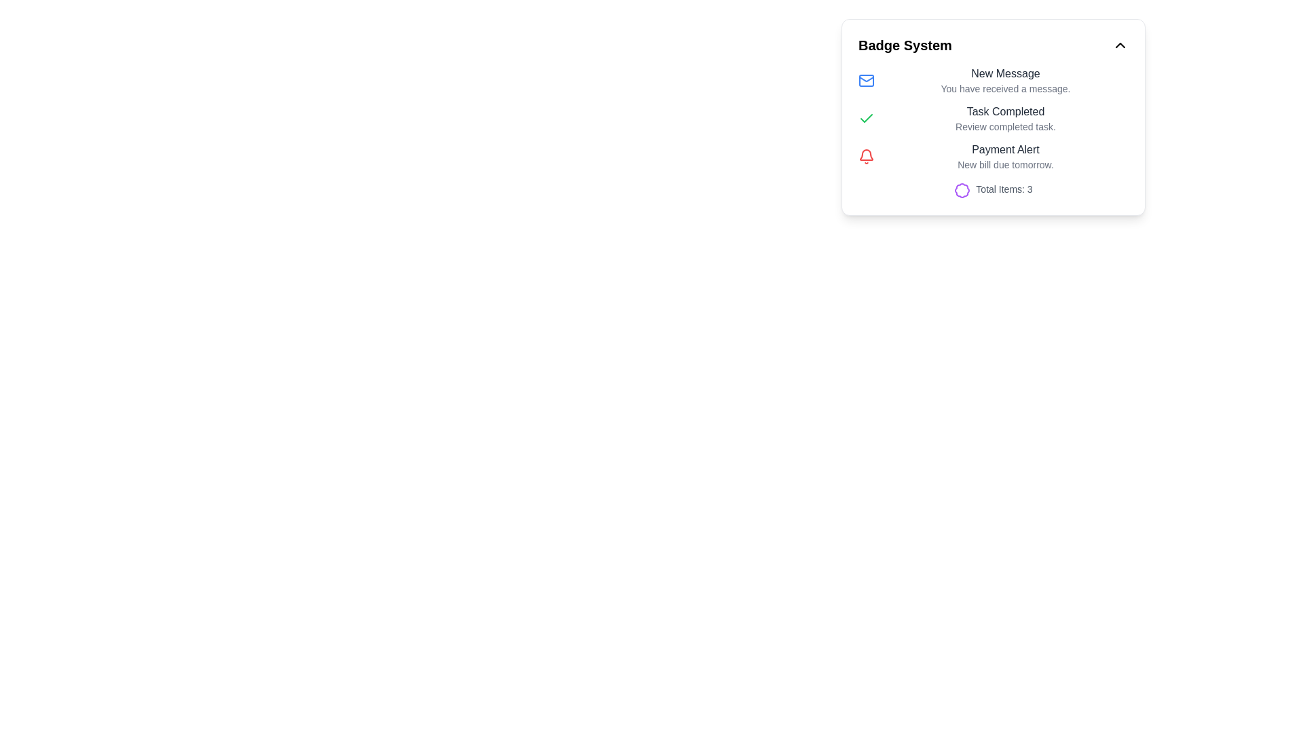 The height and width of the screenshot is (733, 1303). I want to click on the 'New Message' notification icon located at the top-left corner of the 'Badge System' UI component to interact with the notification, so click(865, 81).